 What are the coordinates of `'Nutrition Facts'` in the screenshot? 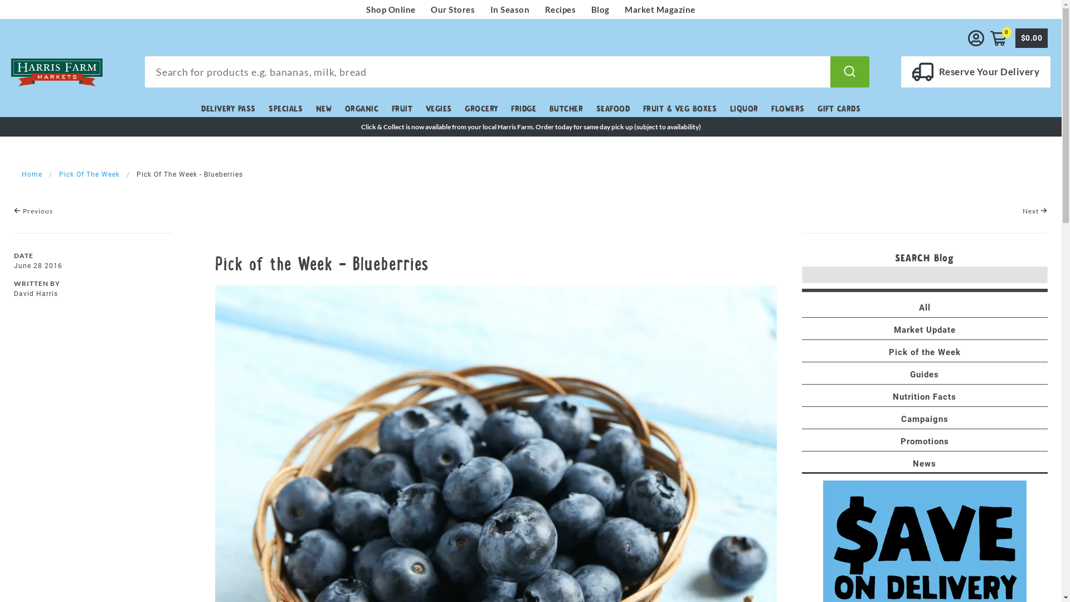 It's located at (925, 396).